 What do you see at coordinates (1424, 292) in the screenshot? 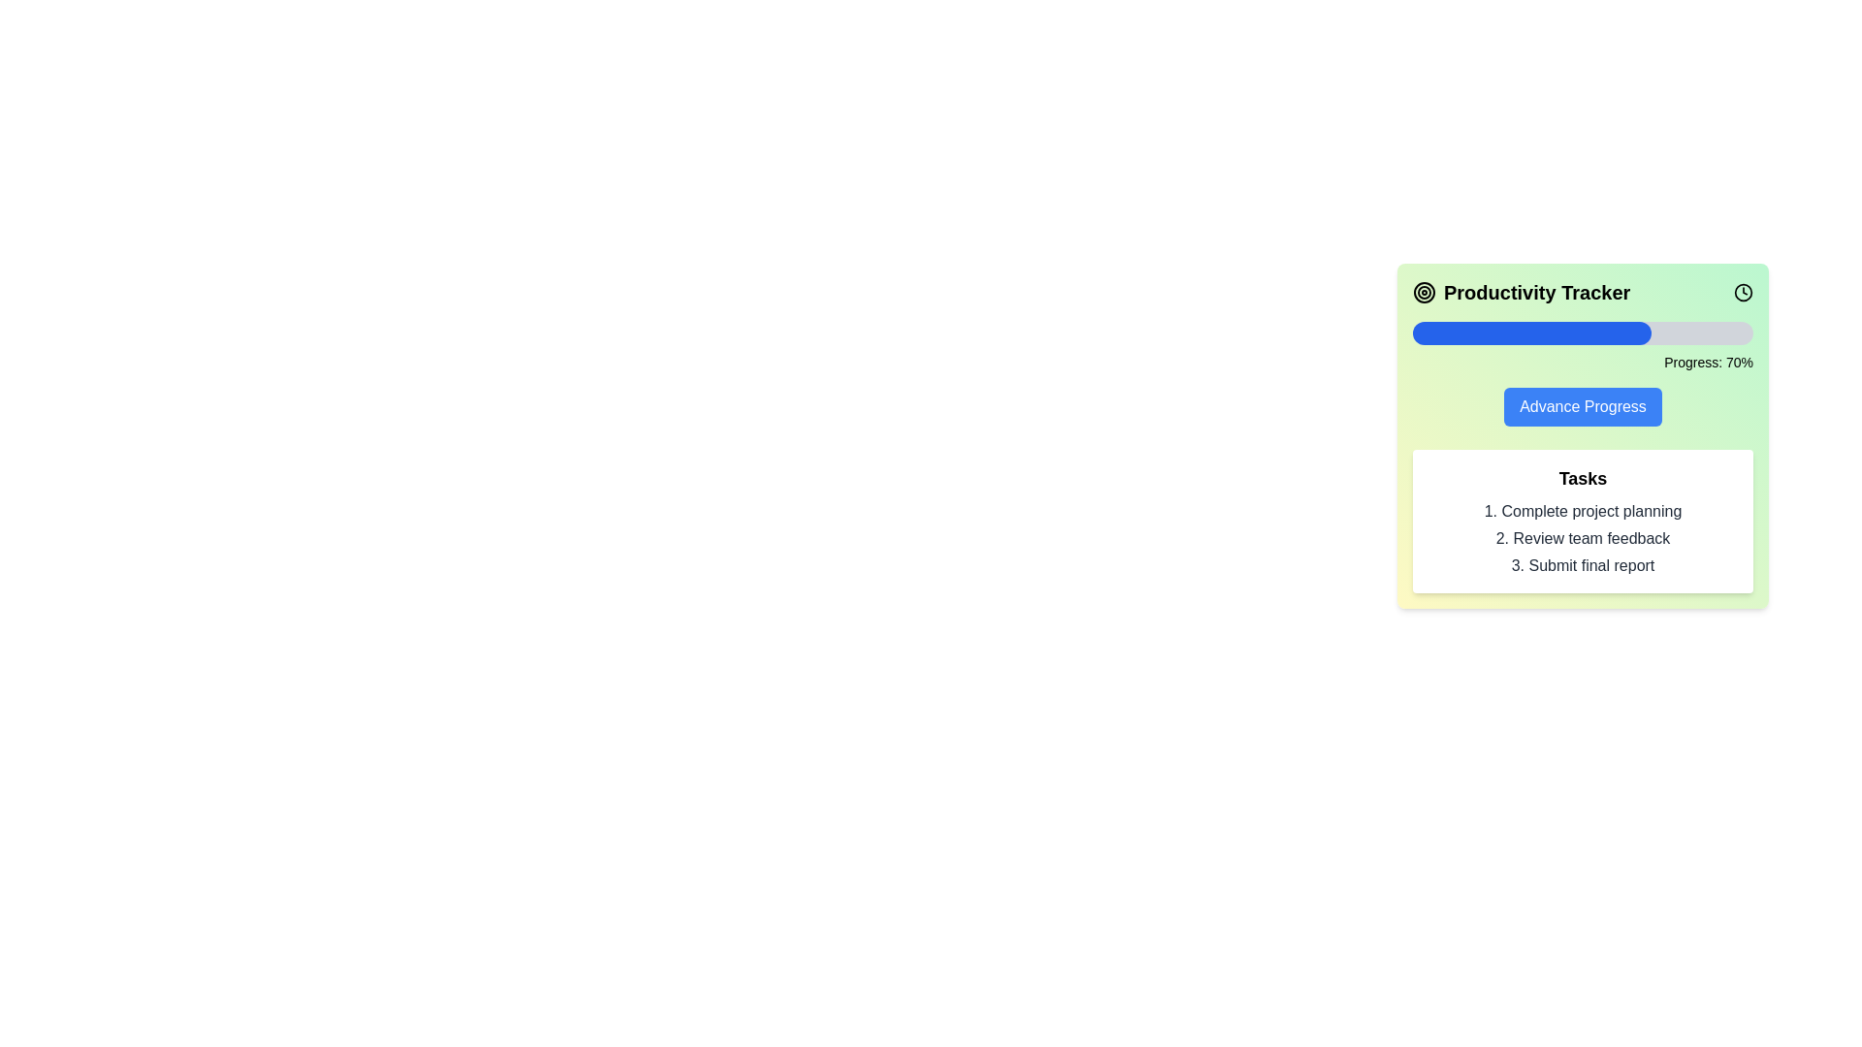
I see `the largest SVG Circle representing the outer boundary of the target icon in the top-left corner of the Productivity Tracker card` at bounding box center [1424, 292].